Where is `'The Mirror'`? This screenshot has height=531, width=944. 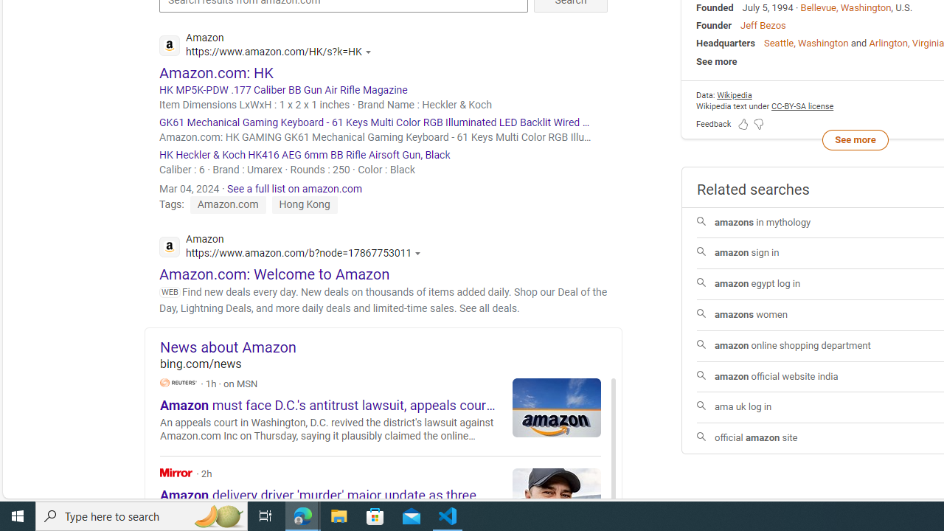
'The Mirror' is located at coordinates (176, 472).